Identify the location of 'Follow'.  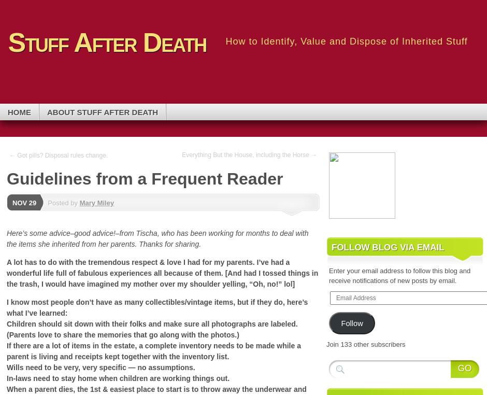
(351, 323).